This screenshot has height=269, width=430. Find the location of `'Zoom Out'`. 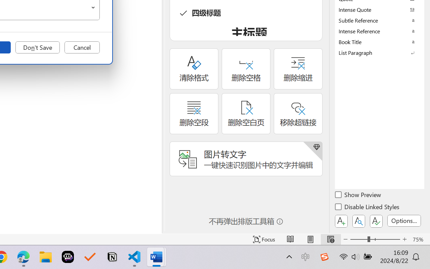

'Zoom Out' is located at coordinates (358, 239).